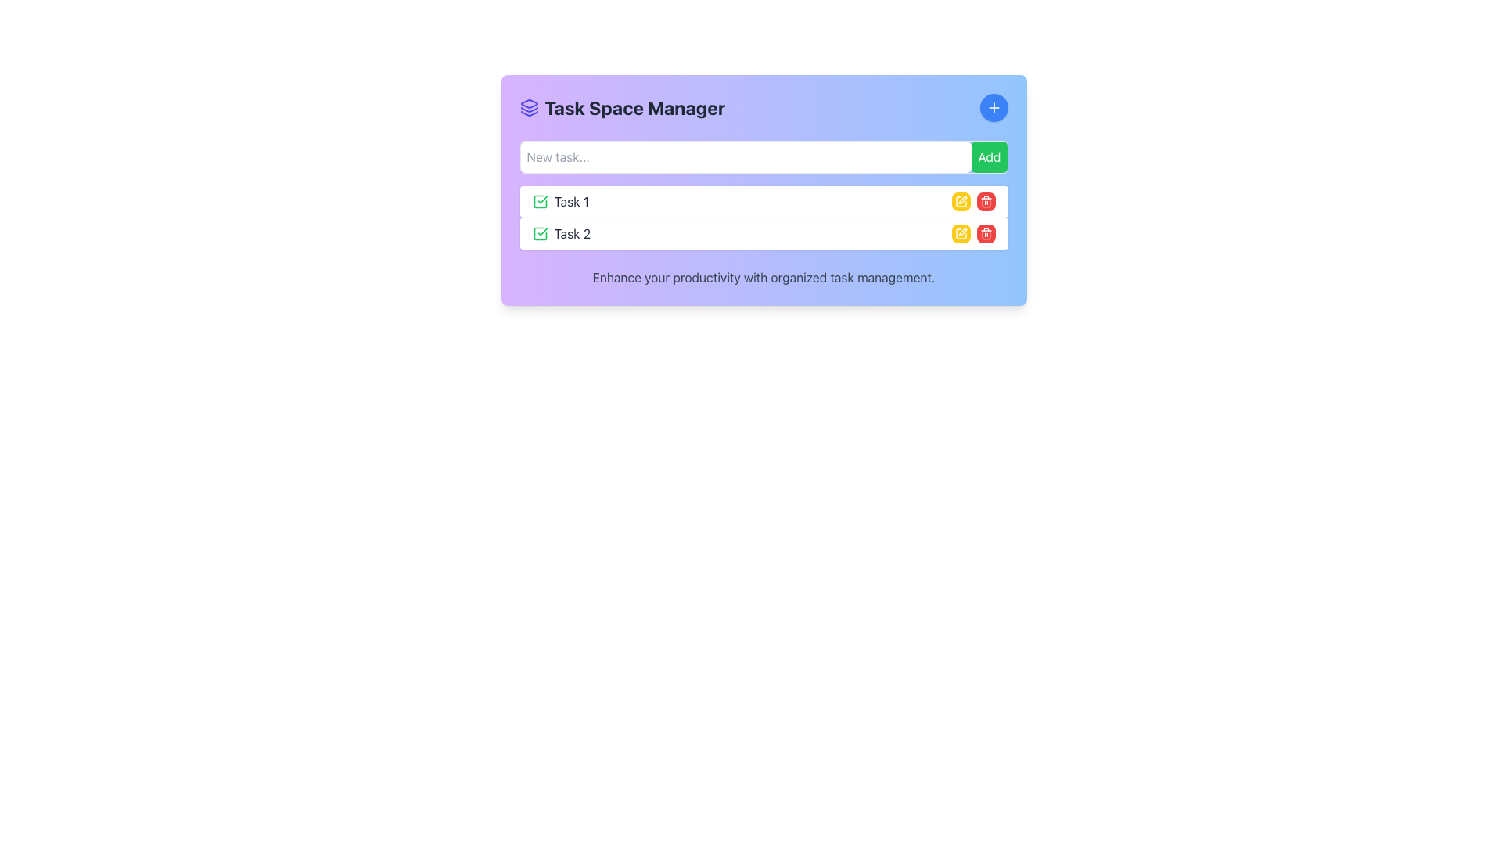  I want to click on the indigo trilayered icon located to the left of the 'Task Space Manager' heading in the task manager box, so click(529, 107).